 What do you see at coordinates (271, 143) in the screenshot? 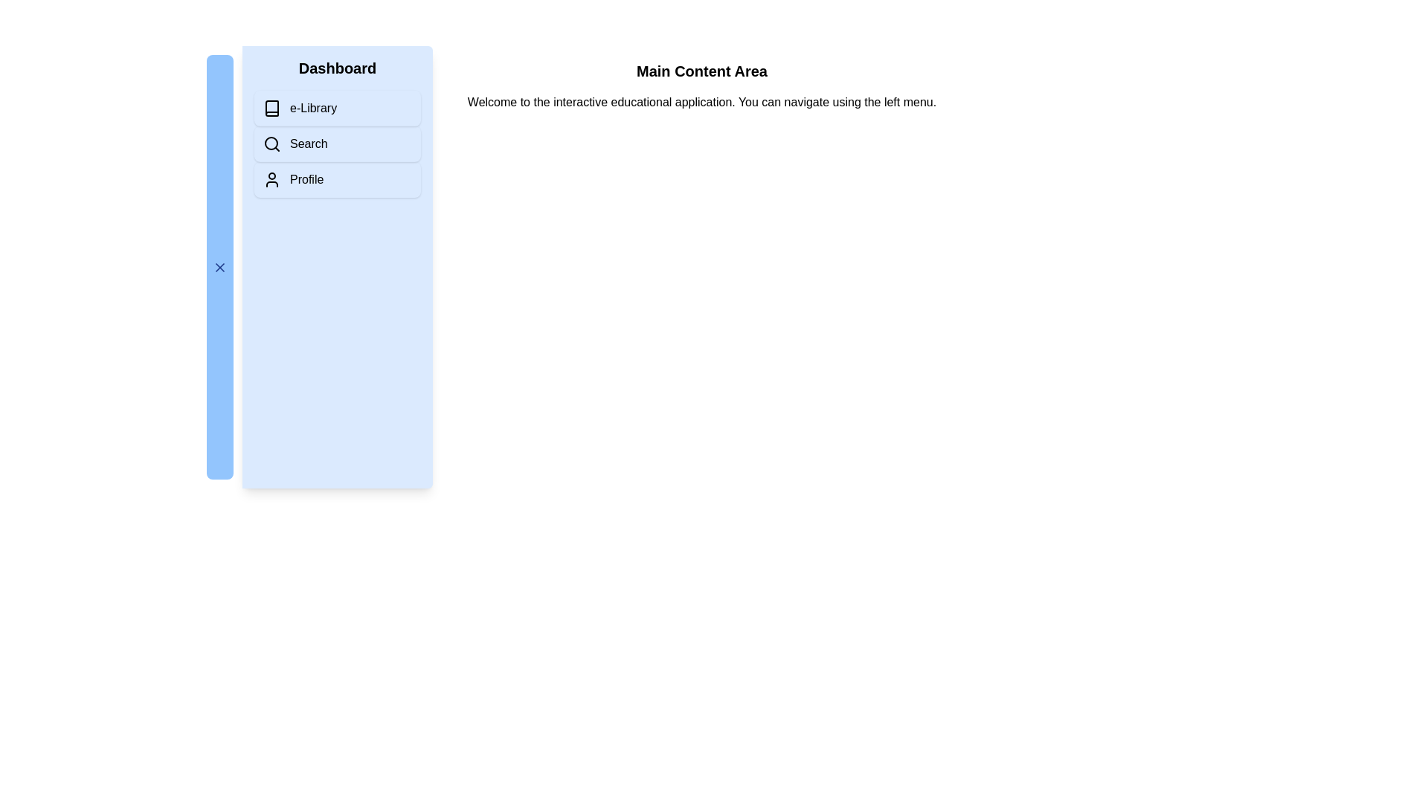
I see `the inner circular part of the magnifying glass icon, which is the second icon in the vertical list on the left side panel` at bounding box center [271, 143].